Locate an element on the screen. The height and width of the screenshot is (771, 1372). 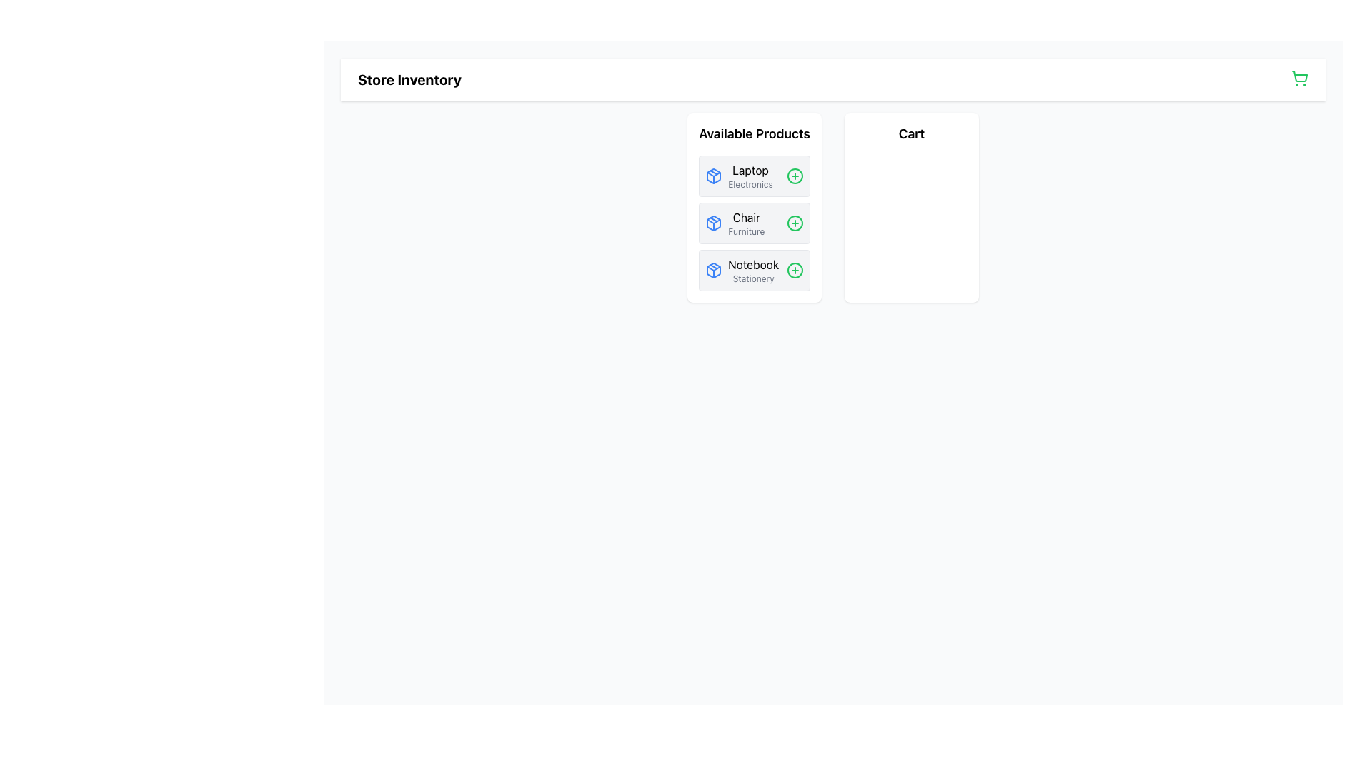
the 'Notebook' text label, which is the first line of the third product card in the 'Available Products' section is located at coordinates (752, 264).